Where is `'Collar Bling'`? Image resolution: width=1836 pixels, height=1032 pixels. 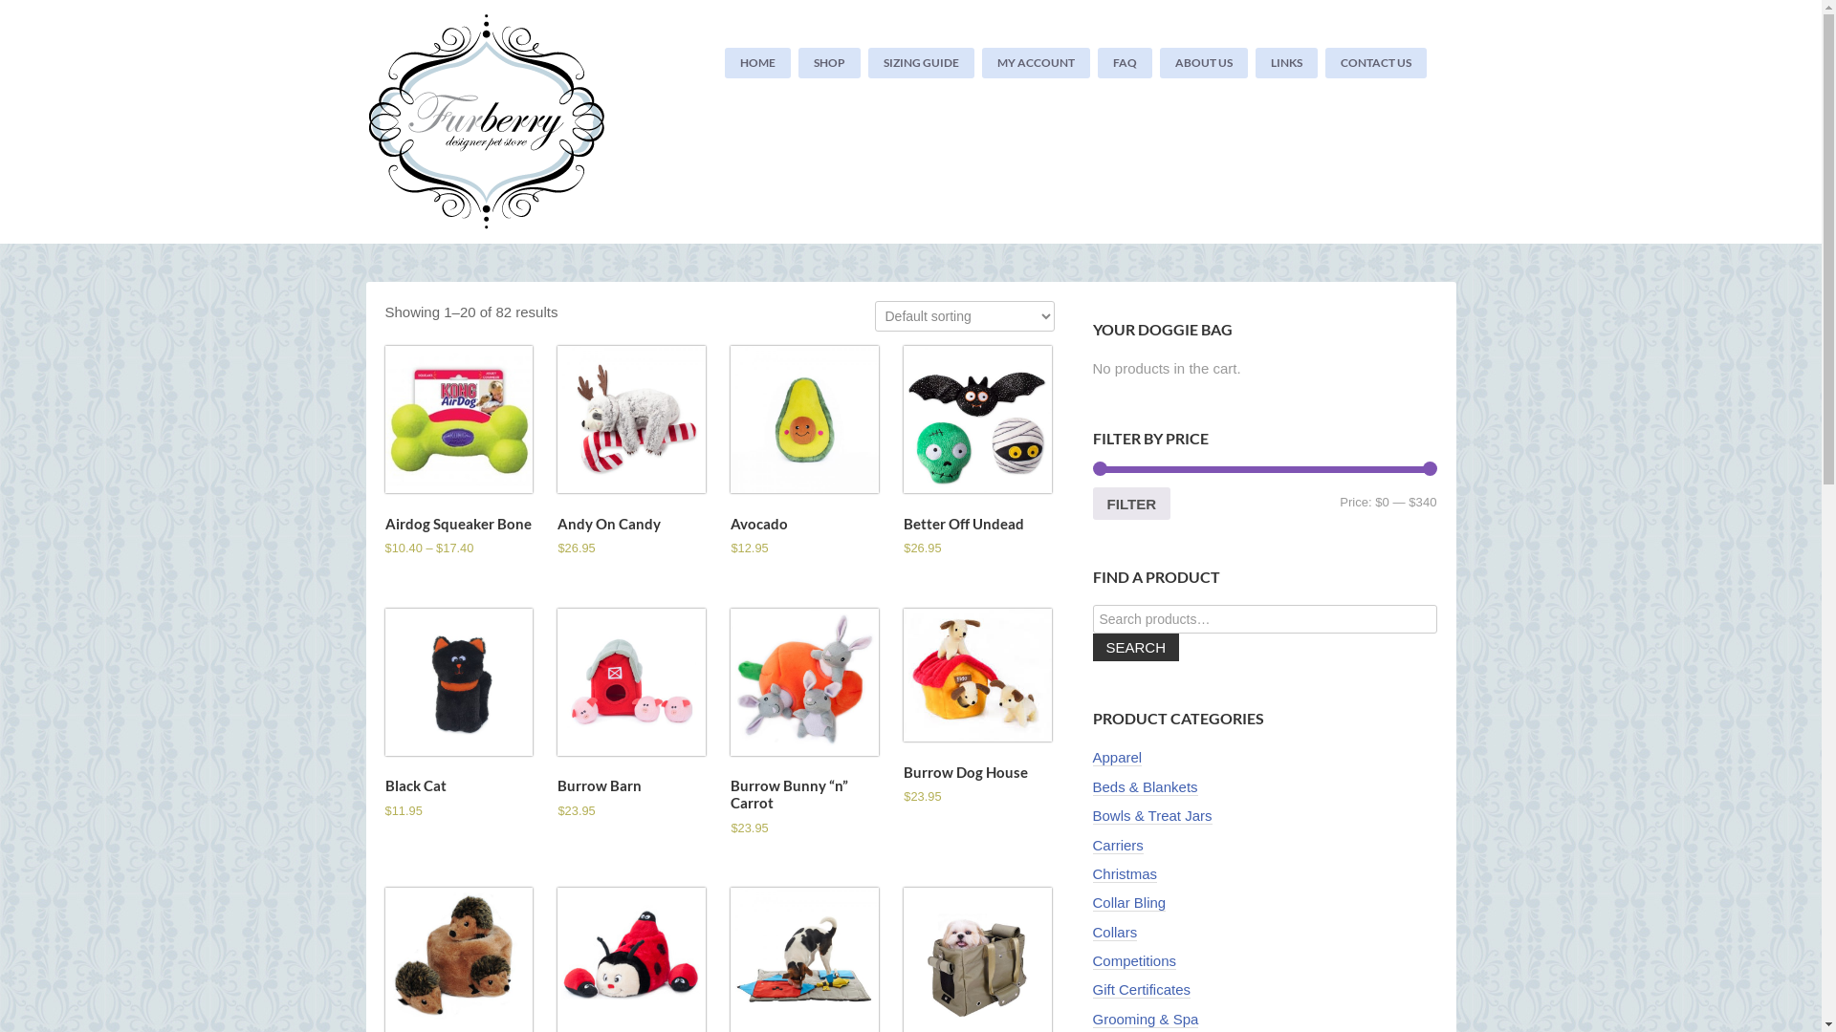
'Collar Bling' is located at coordinates (1128, 903).